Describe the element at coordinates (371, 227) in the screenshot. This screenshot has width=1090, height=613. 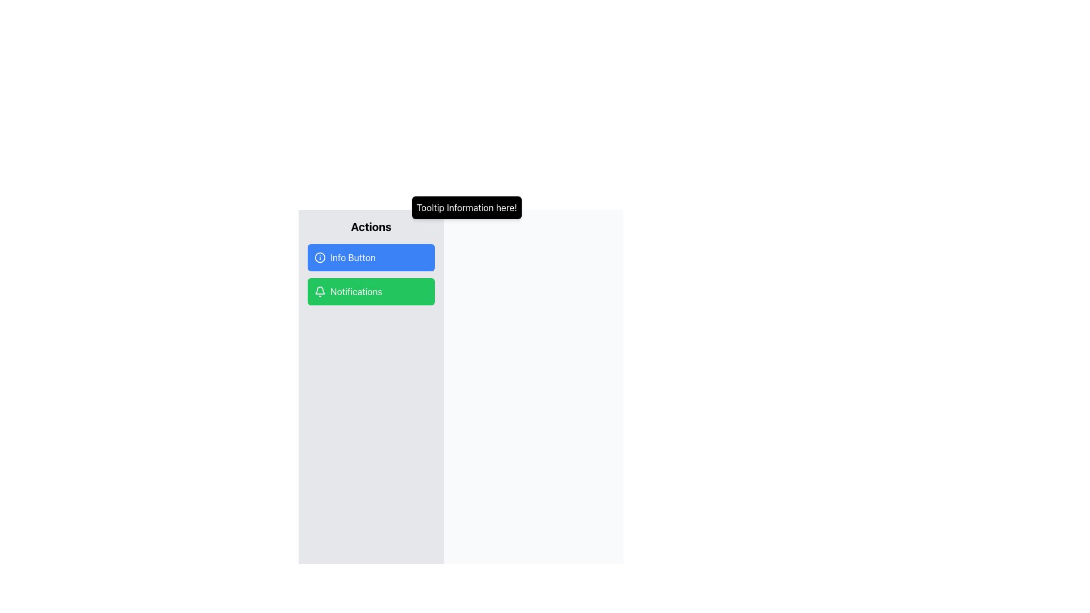
I see `text displayed in the bold 'Actions' label located at the top of the sidebar section` at that location.